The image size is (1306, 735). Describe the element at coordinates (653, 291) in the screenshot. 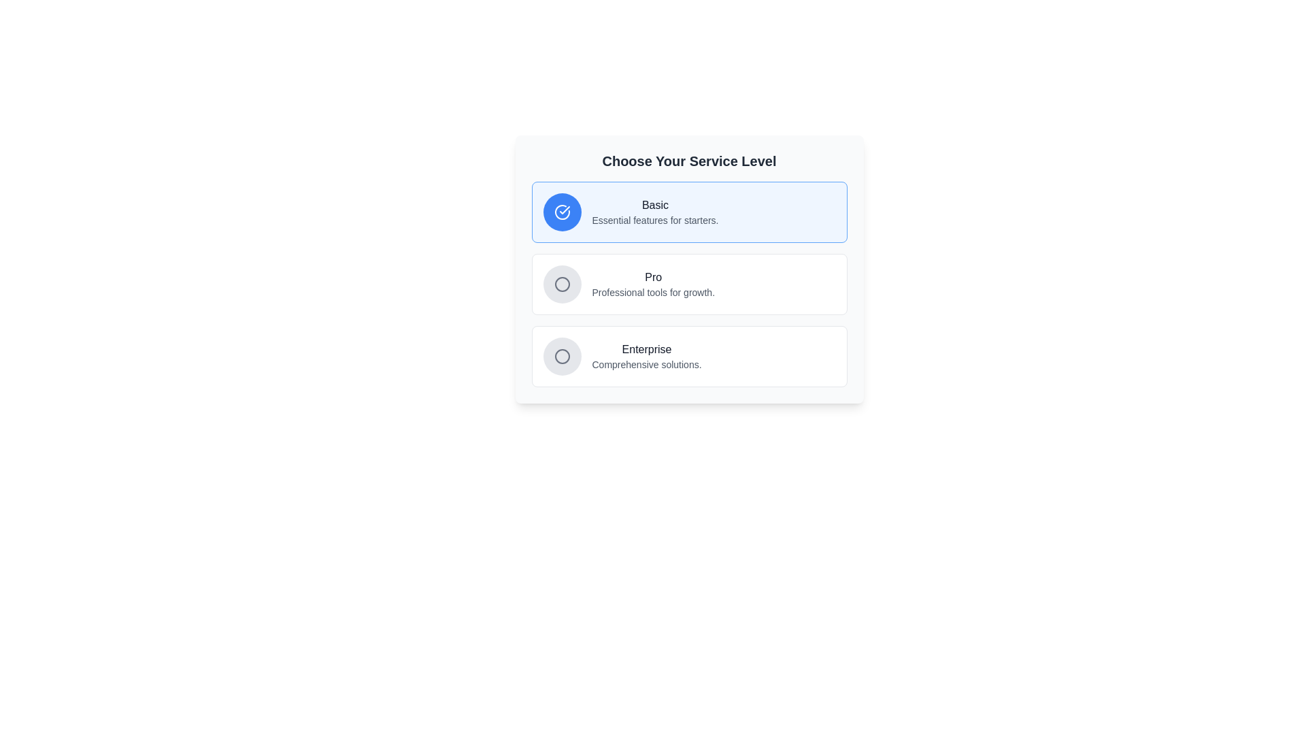

I see `the text label that reads 'Professional tools for growth.' which is styled in gray and positioned below the title 'Pro' in the service level options` at that location.